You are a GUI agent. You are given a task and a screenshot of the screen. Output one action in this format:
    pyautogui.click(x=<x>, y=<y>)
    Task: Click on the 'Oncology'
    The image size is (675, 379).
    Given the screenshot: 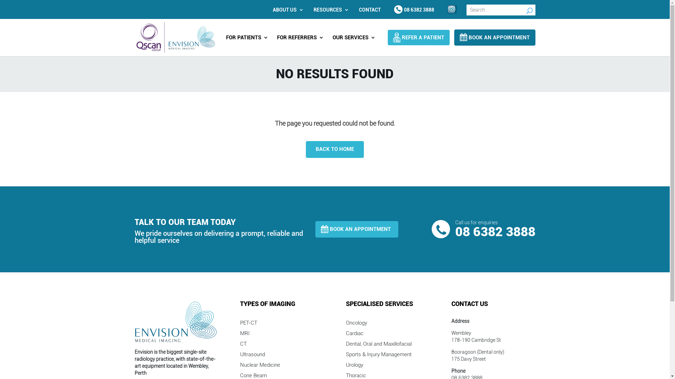 What is the action you would take?
    pyautogui.click(x=356, y=324)
    